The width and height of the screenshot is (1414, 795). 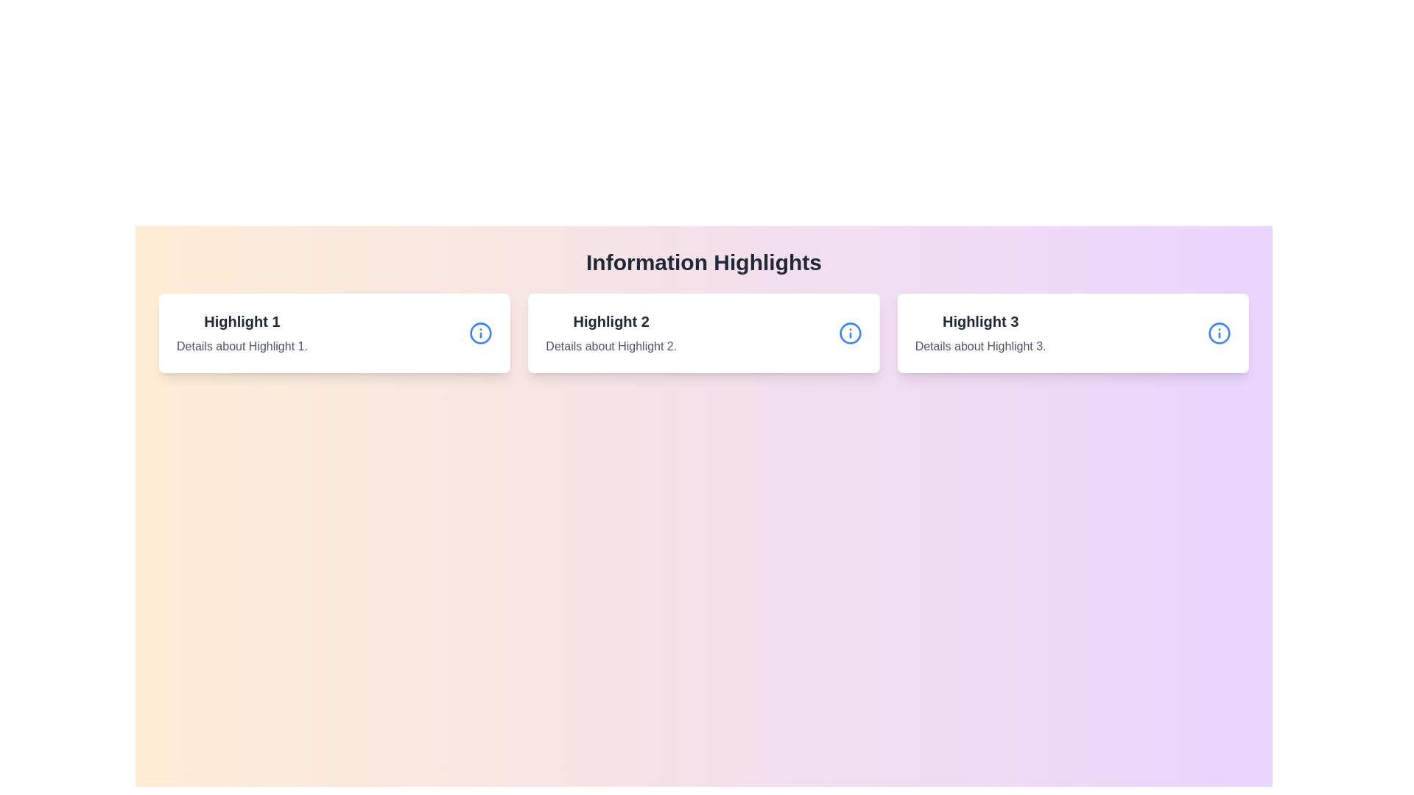 What do you see at coordinates (242, 320) in the screenshot?
I see `the Text Label located at the top of the leftmost card, which serves as the title for the card and is positioned above the descriptive text 'Details about Highlight 1.'` at bounding box center [242, 320].